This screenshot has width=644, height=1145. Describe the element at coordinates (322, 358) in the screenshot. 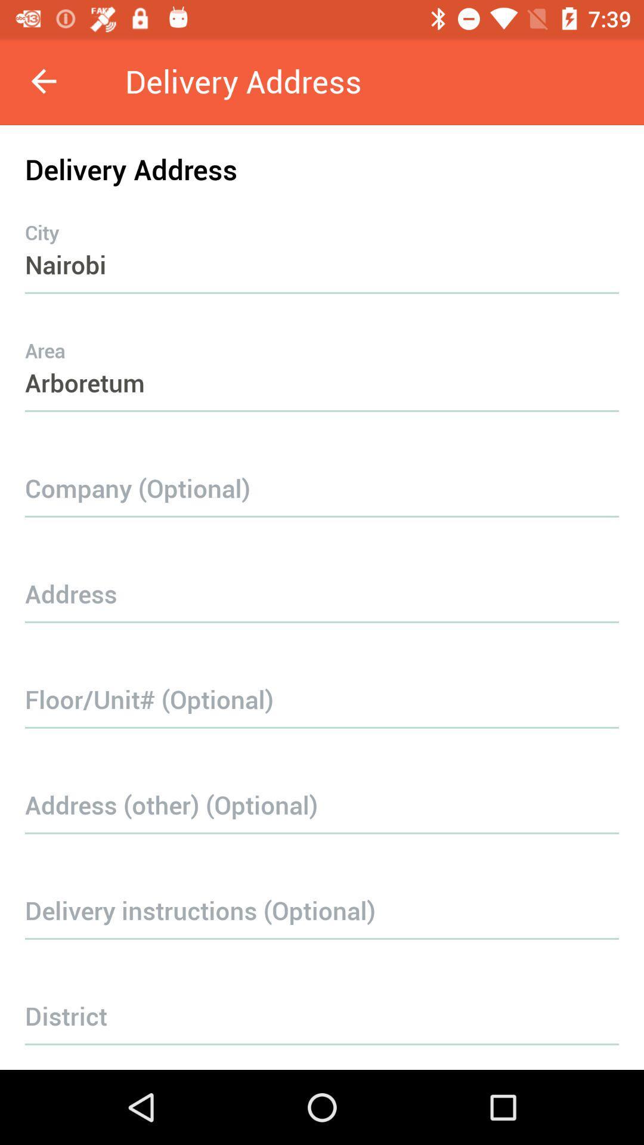

I see `arboretum item` at that location.